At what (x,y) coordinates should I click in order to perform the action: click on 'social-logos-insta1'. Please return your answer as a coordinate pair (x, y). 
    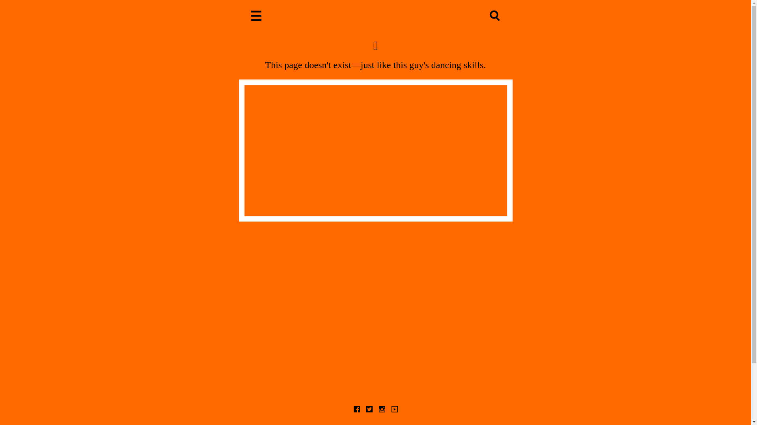
    Looking at the image, I should click on (382, 409).